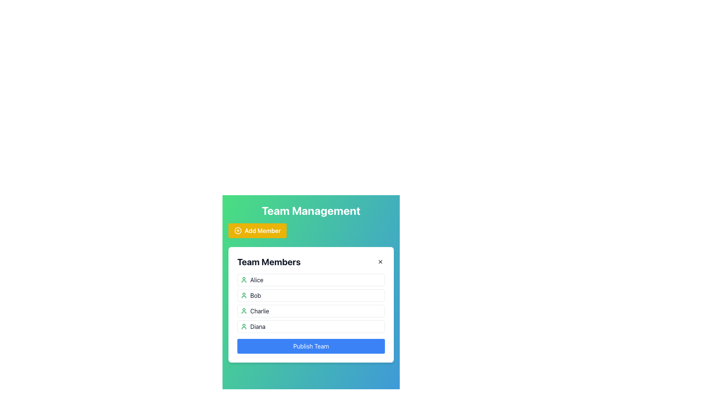 This screenshot has height=400, width=712. What do you see at coordinates (257, 230) in the screenshot?
I see `the 'Add New Member' button located under the 'Team Management' title` at bounding box center [257, 230].